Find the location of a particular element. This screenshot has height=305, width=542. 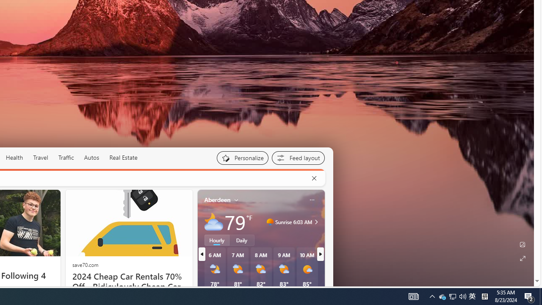

'next' is located at coordinates (320, 254).